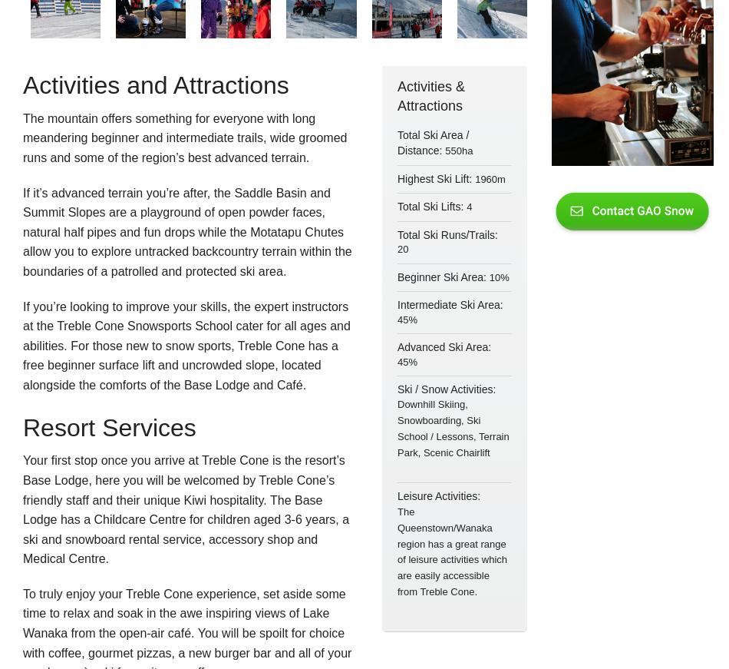  Describe the element at coordinates (431, 206) in the screenshot. I see `'Total Ski Lifts:'` at that location.